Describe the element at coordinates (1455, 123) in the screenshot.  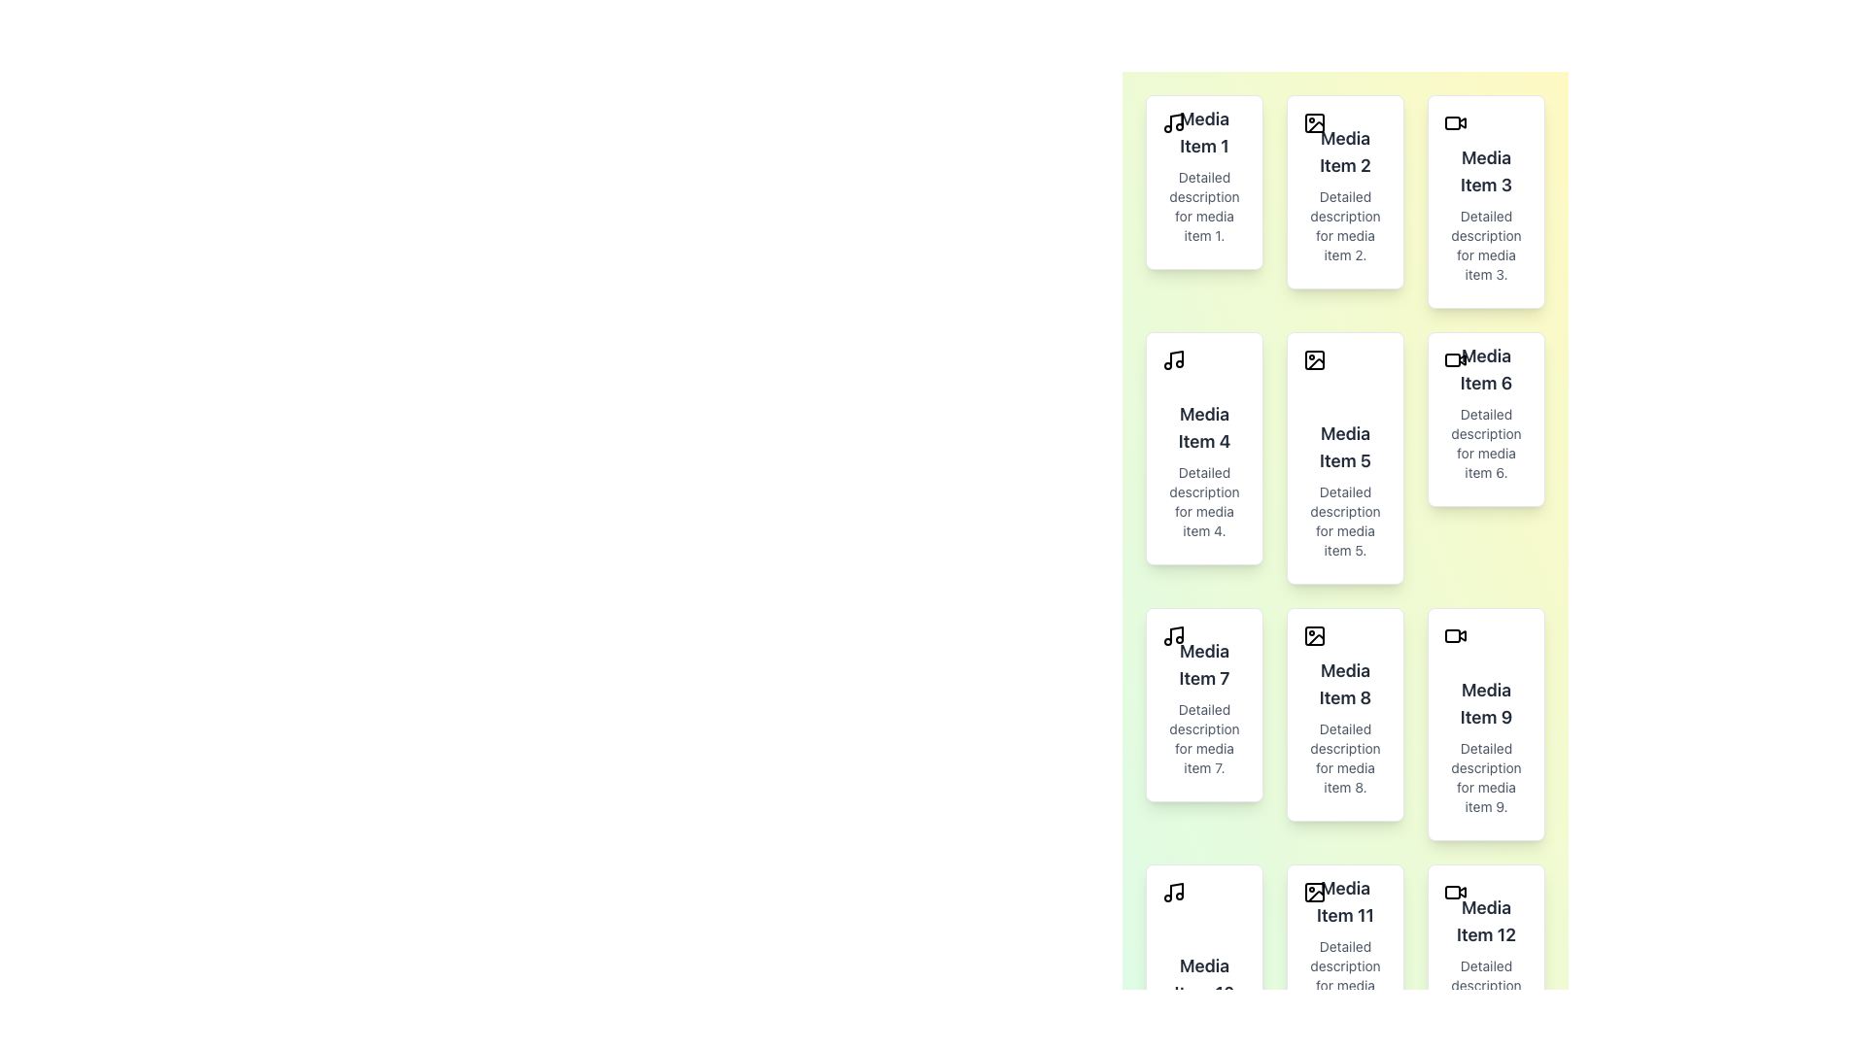
I see `the video camera icon located at the top-left corner of the card labeled 'Media Item 3' for a detailed view` at that location.